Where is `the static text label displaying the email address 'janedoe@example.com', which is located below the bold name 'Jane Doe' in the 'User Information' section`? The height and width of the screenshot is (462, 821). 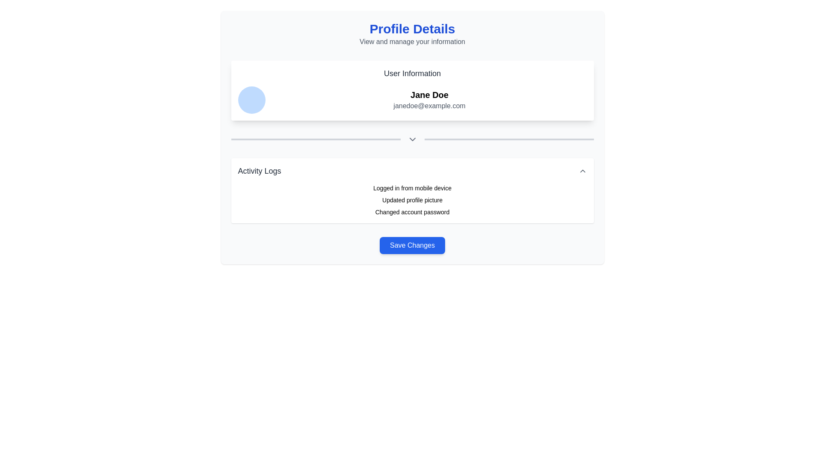 the static text label displaying the email address 'janedoe@example.com', which is located below the bold name 'Jane Doe' in the 'User Information' section is located at coordinates (429, 105).